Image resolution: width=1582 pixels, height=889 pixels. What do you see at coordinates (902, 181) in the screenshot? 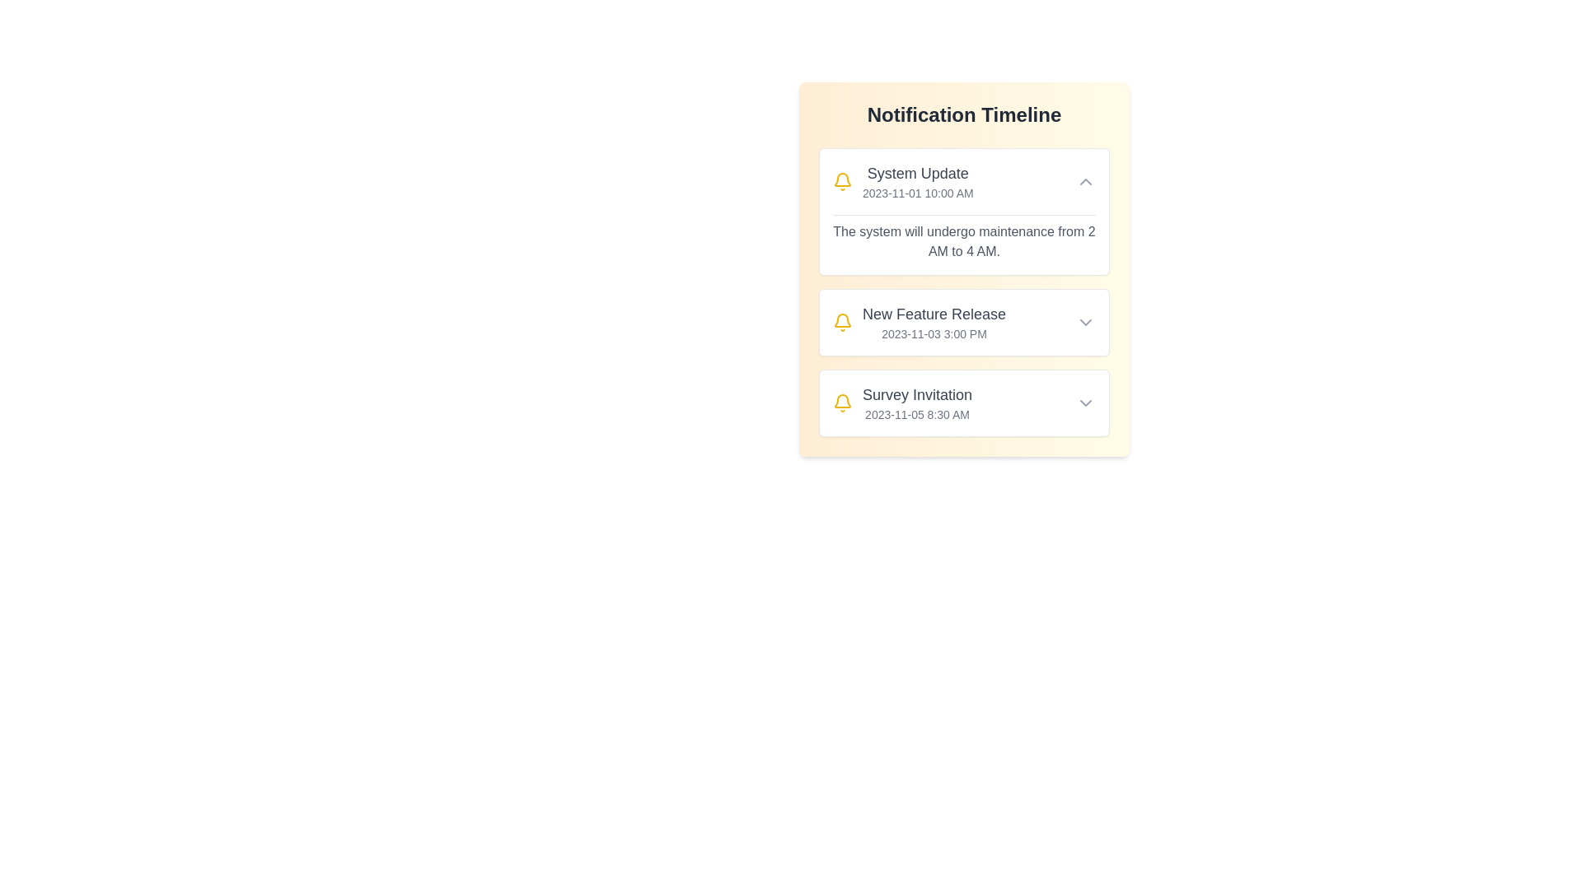
I see `the header notification entry displaying the title 'System Update' and the timestamp '2023-11-01 10:00 AM' to perform an action related to the notification` at bounding box center [902, 181].